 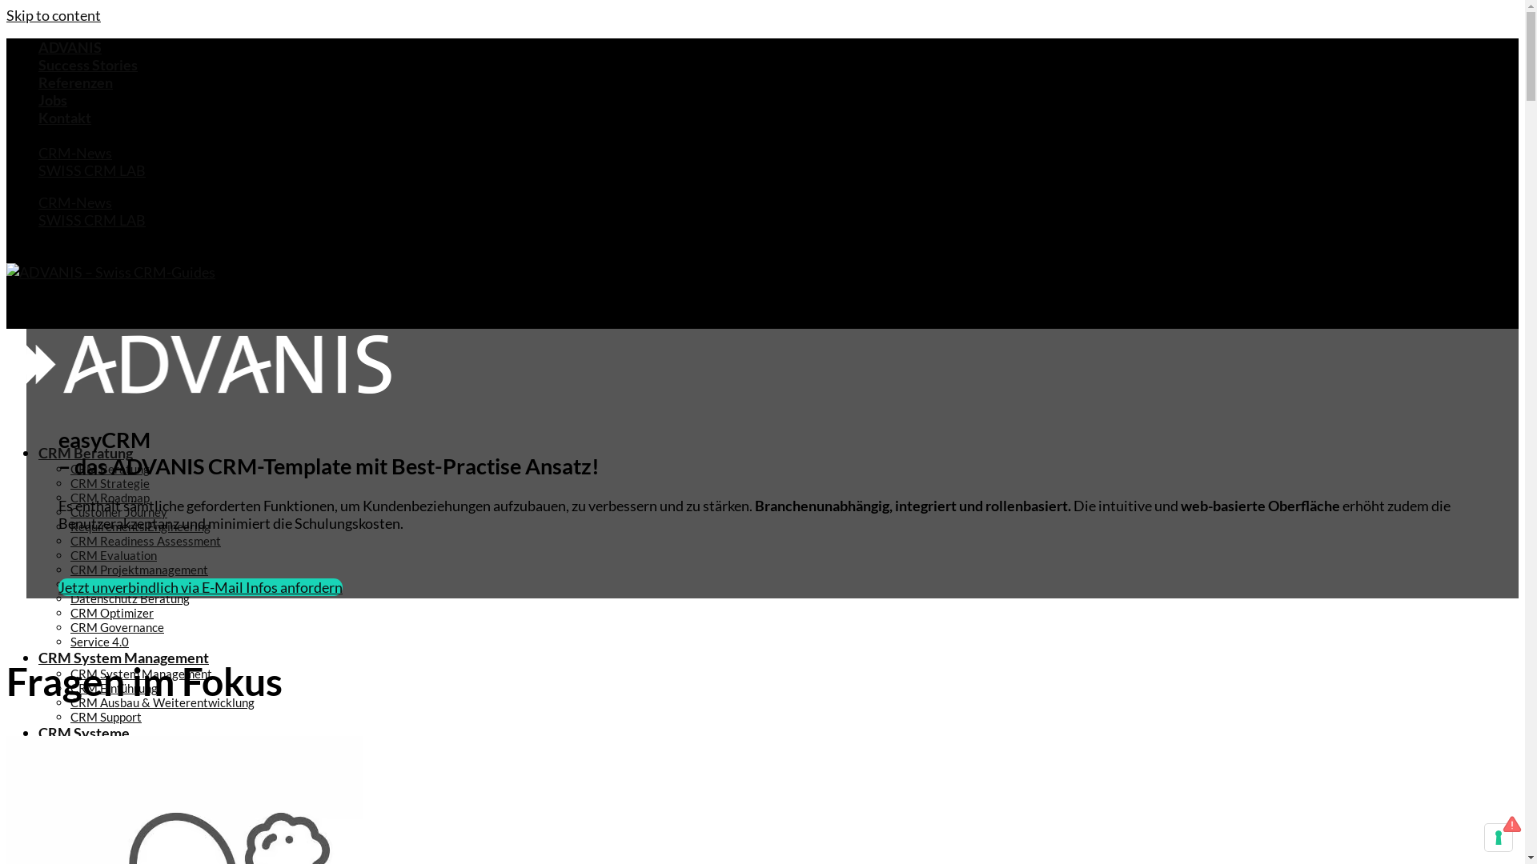 What do you see at coordinates (74, 153) in the screenshot?
I see `'CRM-News'` at bounding box center [74, 153].